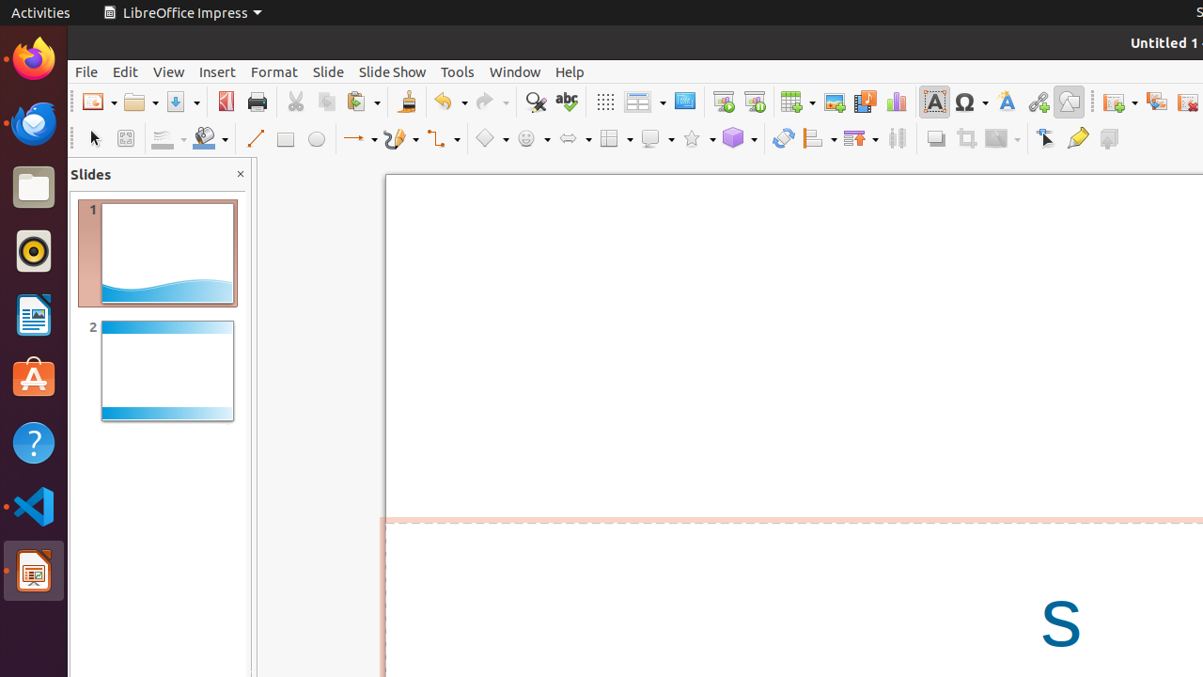  Describe the element at coordinates (657, 137) in the screenshot. I see `'Callout Shapes'` at that location.